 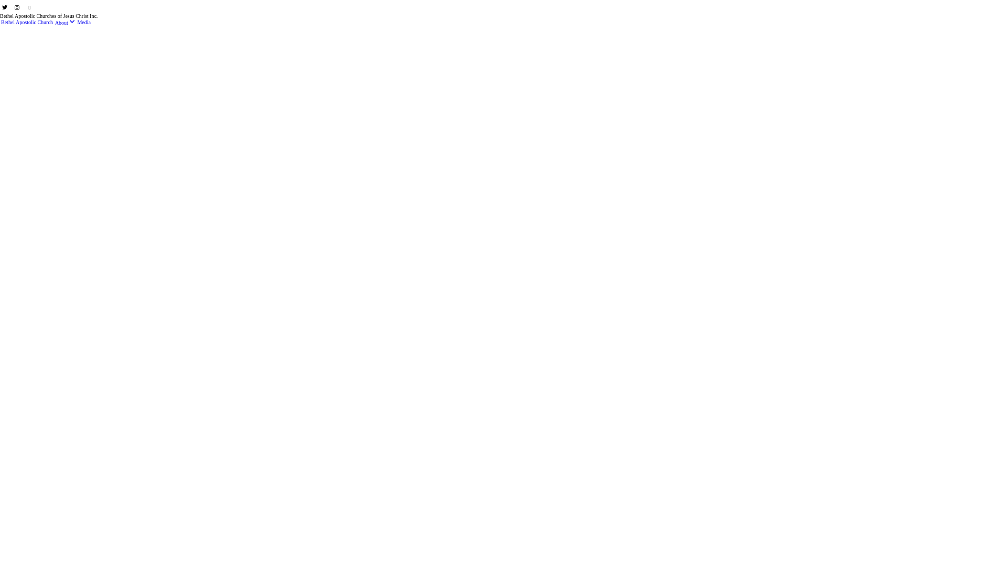 I want to click on 'Media', so click(x=77, y=22).